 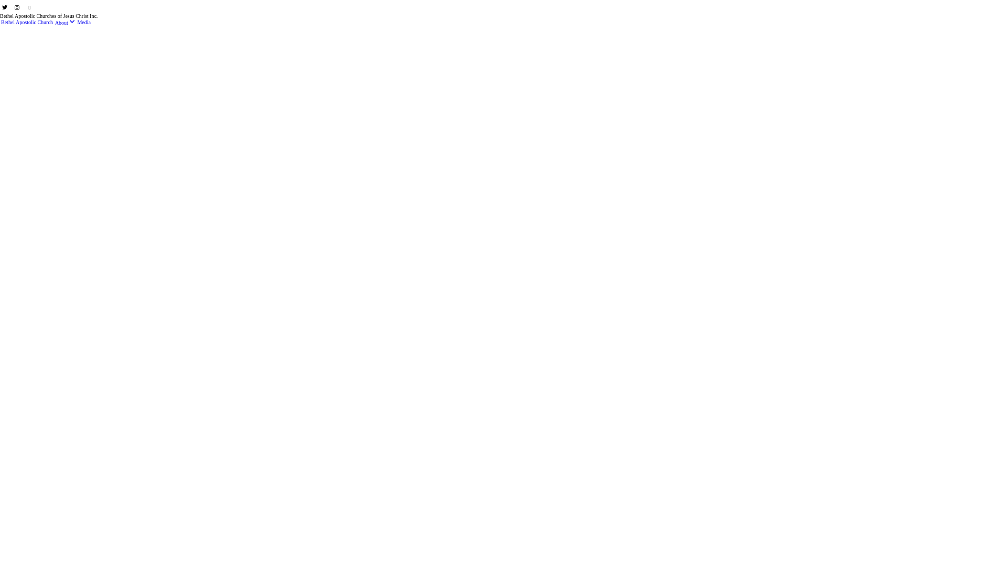 I want to click on 'Media', so click(x=77, y=22).